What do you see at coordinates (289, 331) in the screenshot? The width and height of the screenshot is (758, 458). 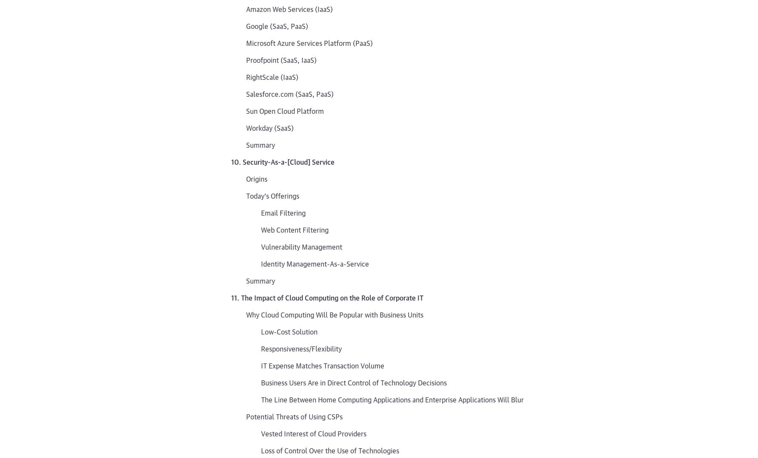 I see `'Low-Cost Solution'` at bounding box center [289, 331].